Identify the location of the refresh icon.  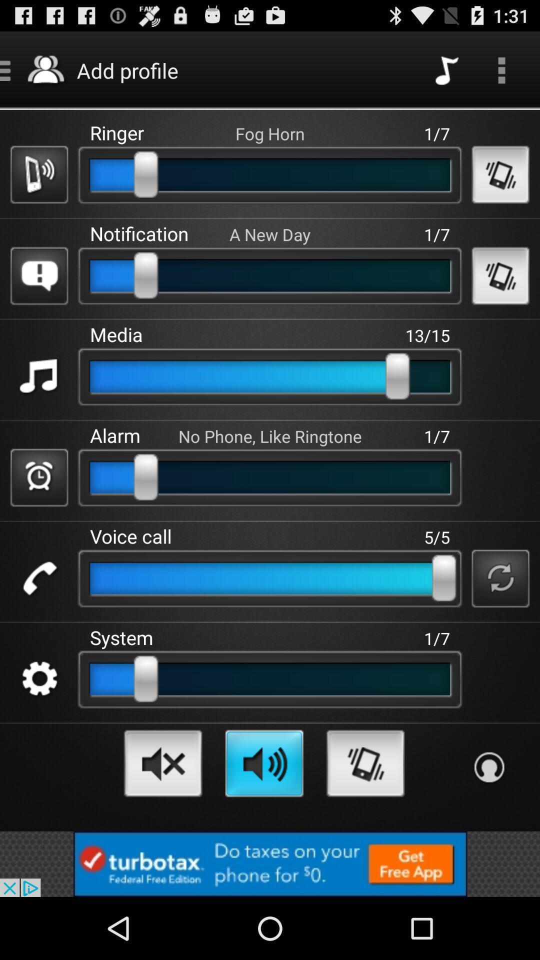
(500, 618).